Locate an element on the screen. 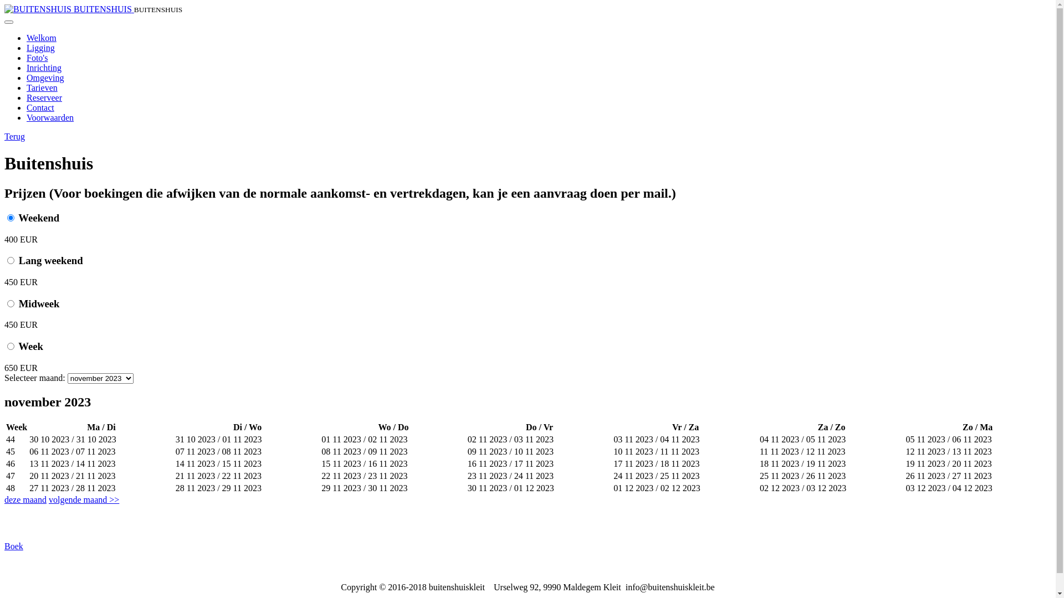 This screenshot has height=598, width=1064. 'Ligging' is located at coordinates (40, 47).